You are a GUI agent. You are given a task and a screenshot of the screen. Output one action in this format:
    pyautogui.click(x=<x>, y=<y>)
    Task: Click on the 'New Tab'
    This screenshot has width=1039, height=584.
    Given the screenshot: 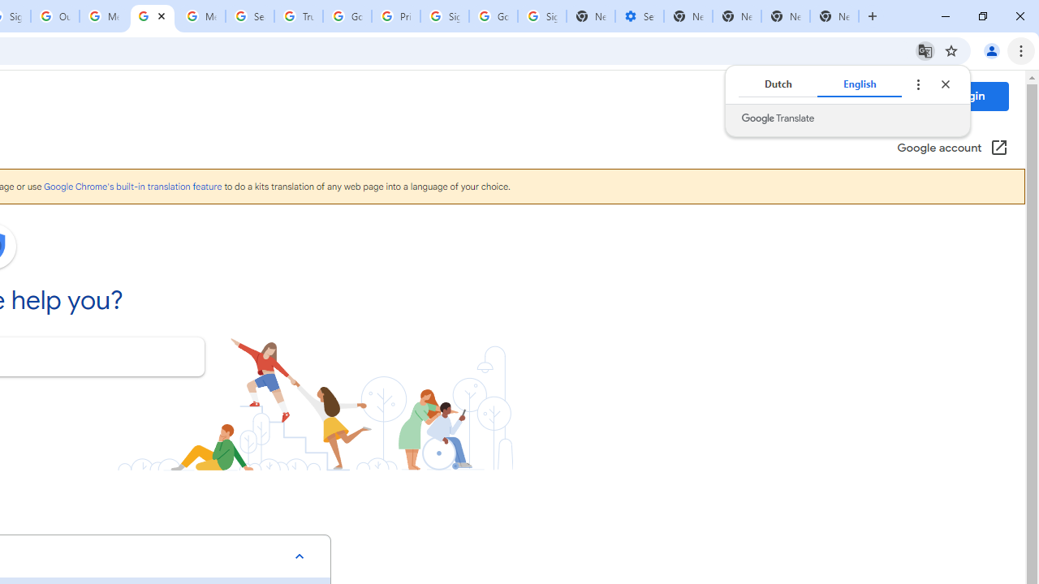 What is the action you would take?
    pyautogui.click(x=834, y=16)
    